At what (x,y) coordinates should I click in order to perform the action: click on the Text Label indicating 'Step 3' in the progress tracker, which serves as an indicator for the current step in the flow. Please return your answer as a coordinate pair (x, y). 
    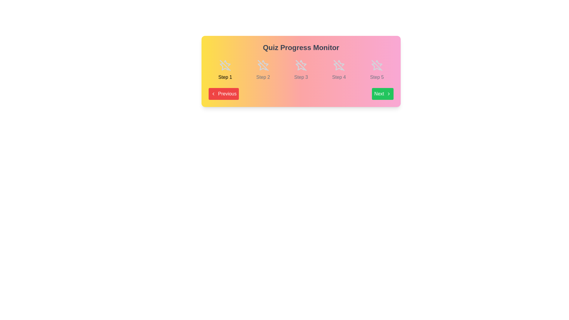
    Looking at the image, I should click on (301, 77).